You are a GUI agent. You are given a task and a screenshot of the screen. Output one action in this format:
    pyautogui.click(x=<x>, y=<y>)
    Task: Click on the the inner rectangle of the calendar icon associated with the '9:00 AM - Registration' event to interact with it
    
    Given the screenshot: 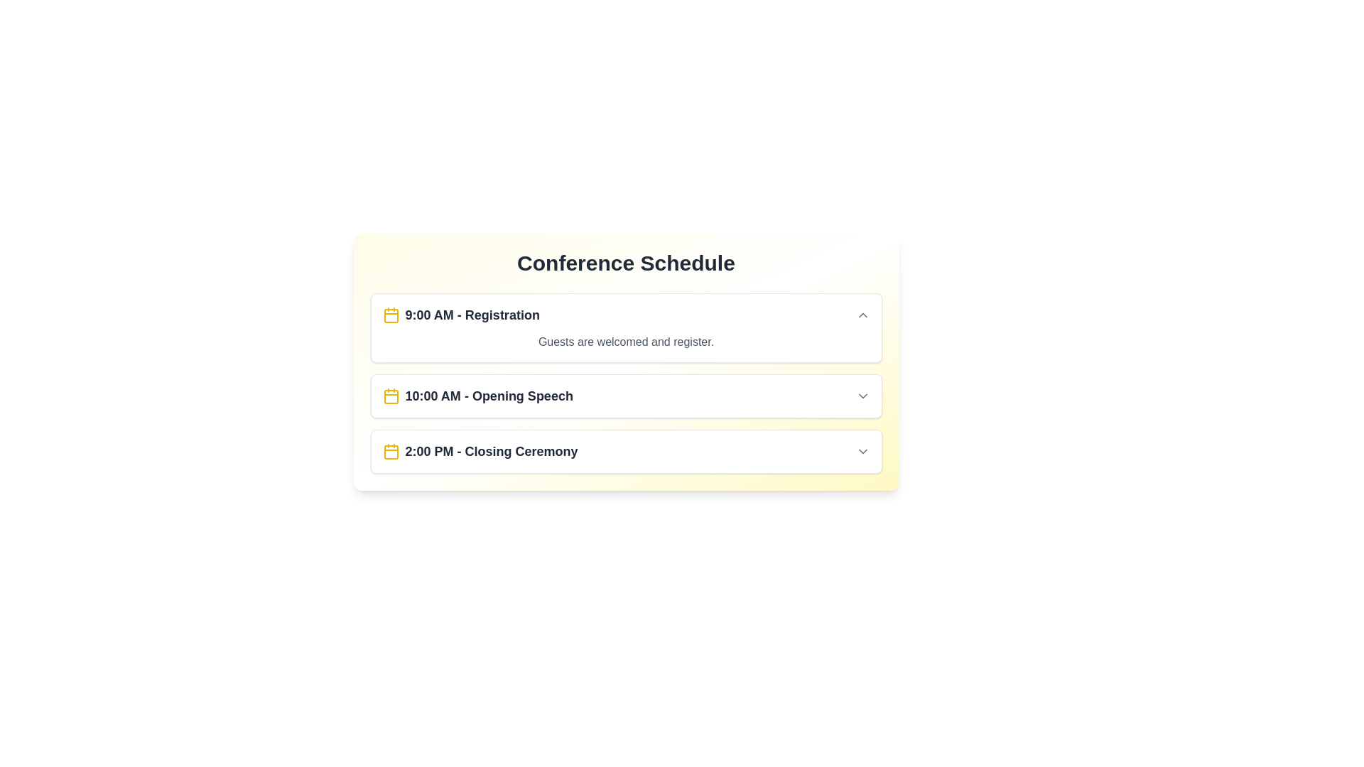 What is the action you would take?
    pyautogui.click(x=391, y=315)
    